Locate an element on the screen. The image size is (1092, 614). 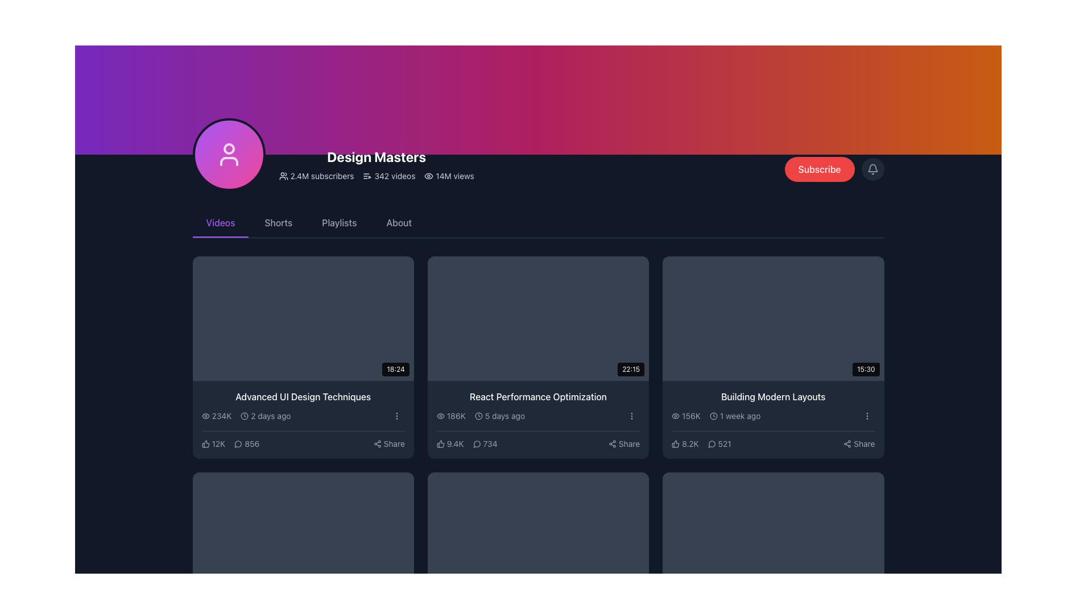
displayed text of the timestamp label showing '18:24', which is located at the bottom-right corner of the video thumbnail for 'Advanced UI Design Techniques' is located at coordinates (396, 369).